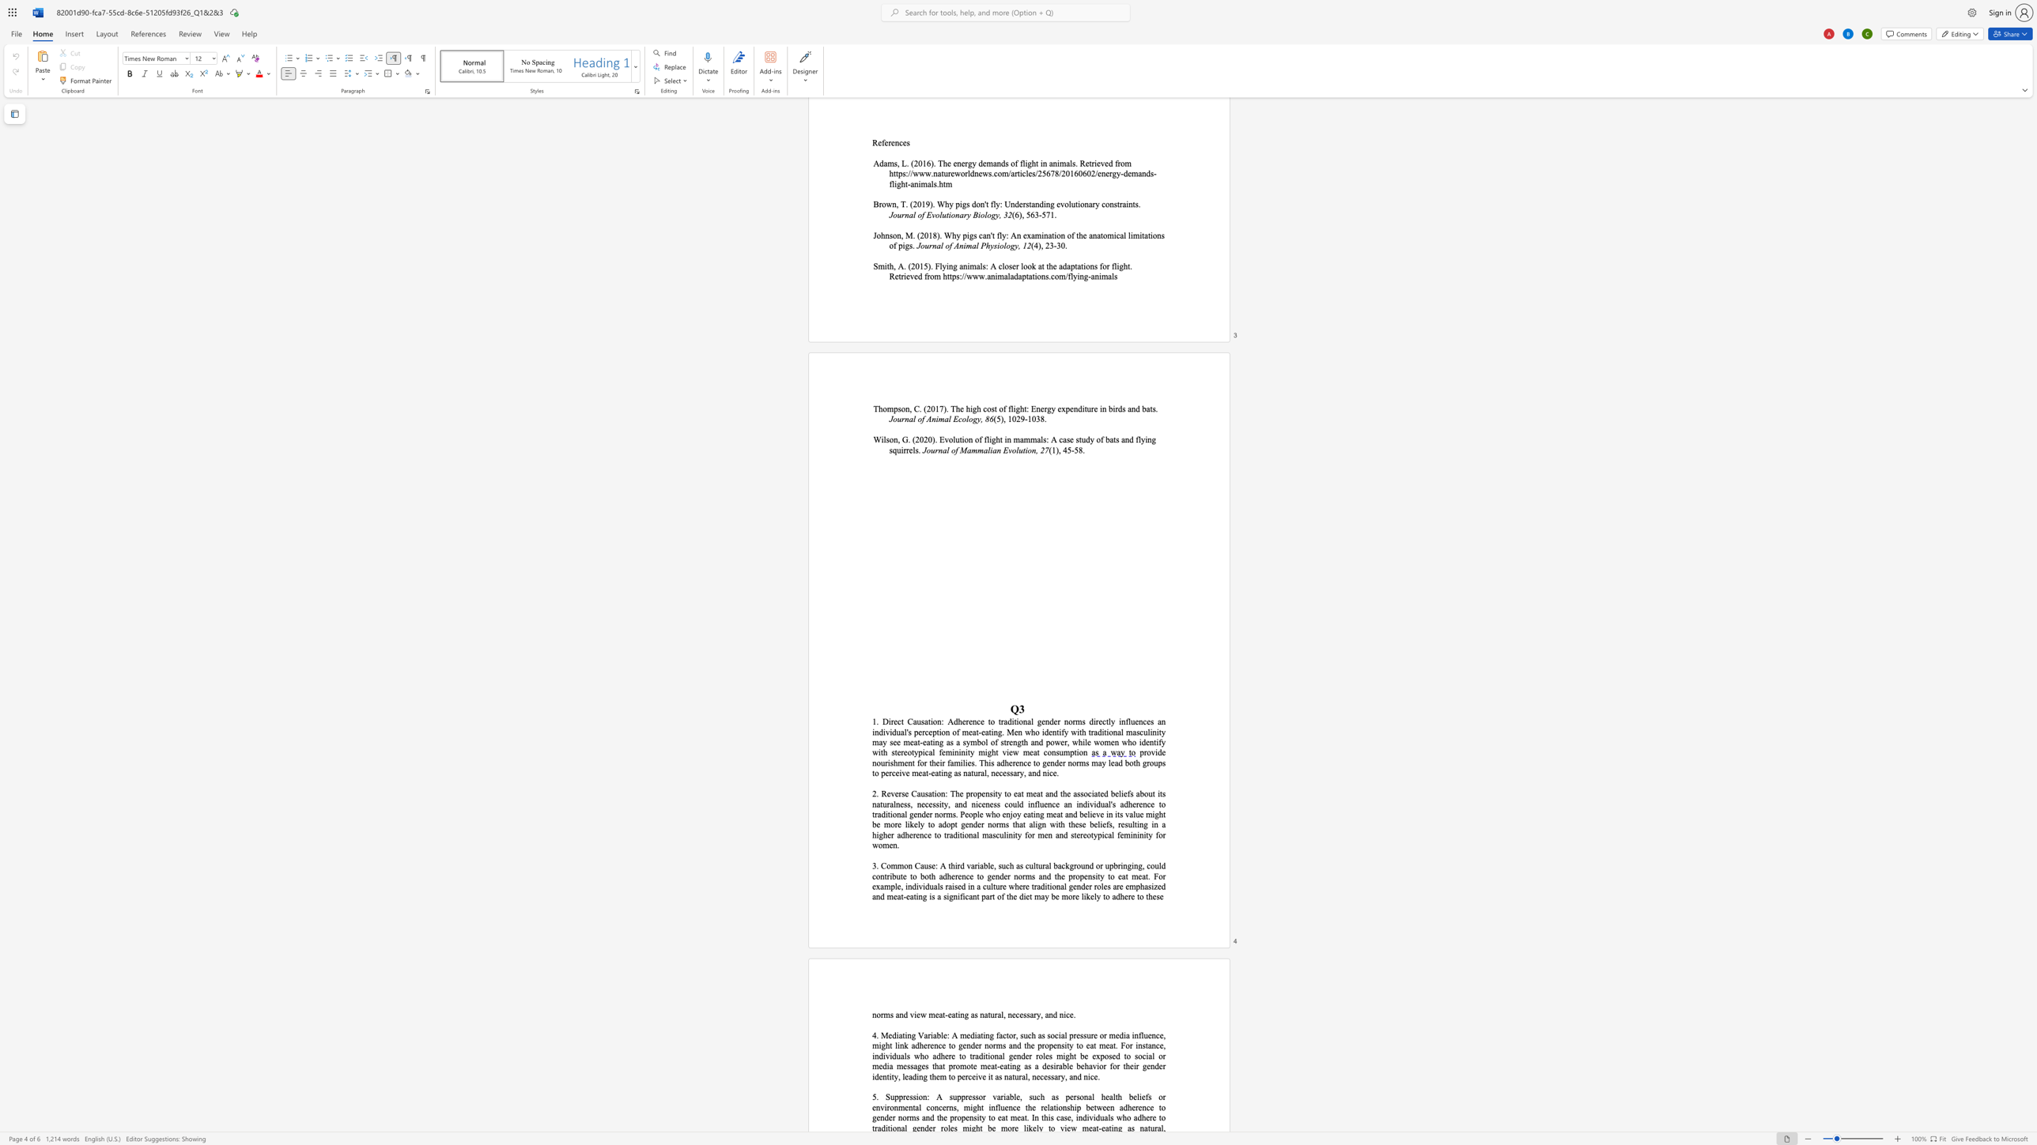 The image size is (2037, 1145). I want to click on the space between the continuous character "o" and "n" in the text, so click(945, 732).